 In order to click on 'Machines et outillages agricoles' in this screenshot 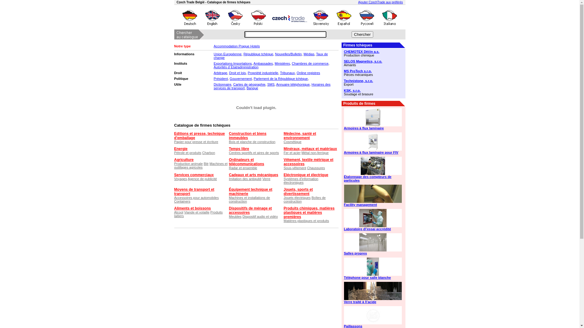, I will do `click(201, 165)`.